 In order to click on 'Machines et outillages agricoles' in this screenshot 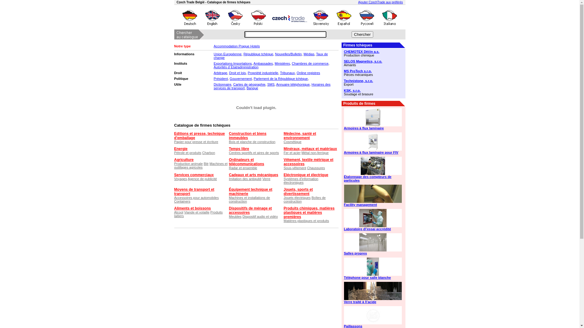, I will do `click(201, 165)`.